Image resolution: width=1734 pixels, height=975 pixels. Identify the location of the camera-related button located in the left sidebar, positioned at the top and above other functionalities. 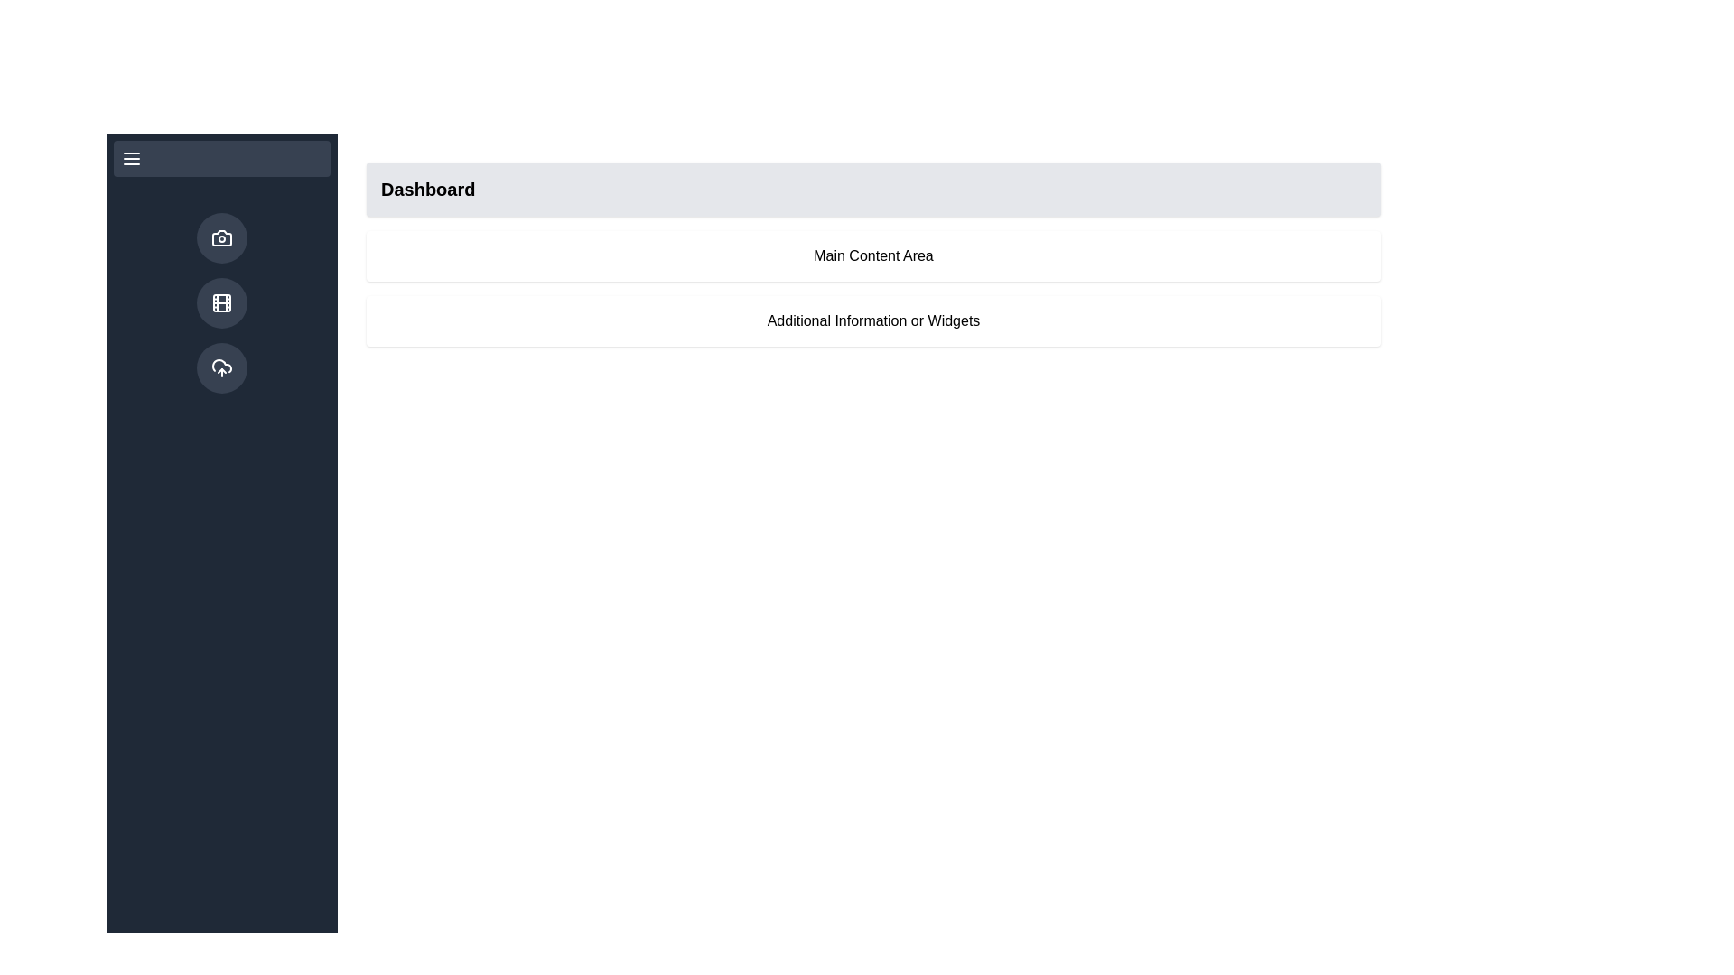
(220, 237).